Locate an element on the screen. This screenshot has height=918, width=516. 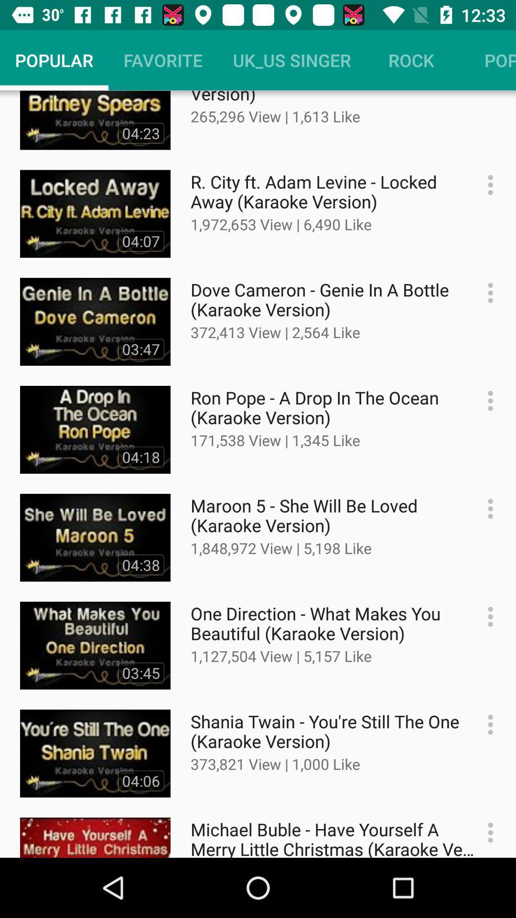
show more information is located at coordinates (485, 401).